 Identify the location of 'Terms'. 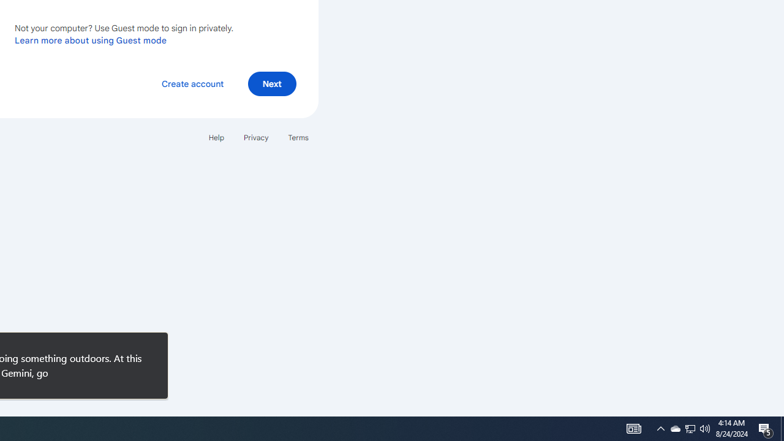
(298, 137).